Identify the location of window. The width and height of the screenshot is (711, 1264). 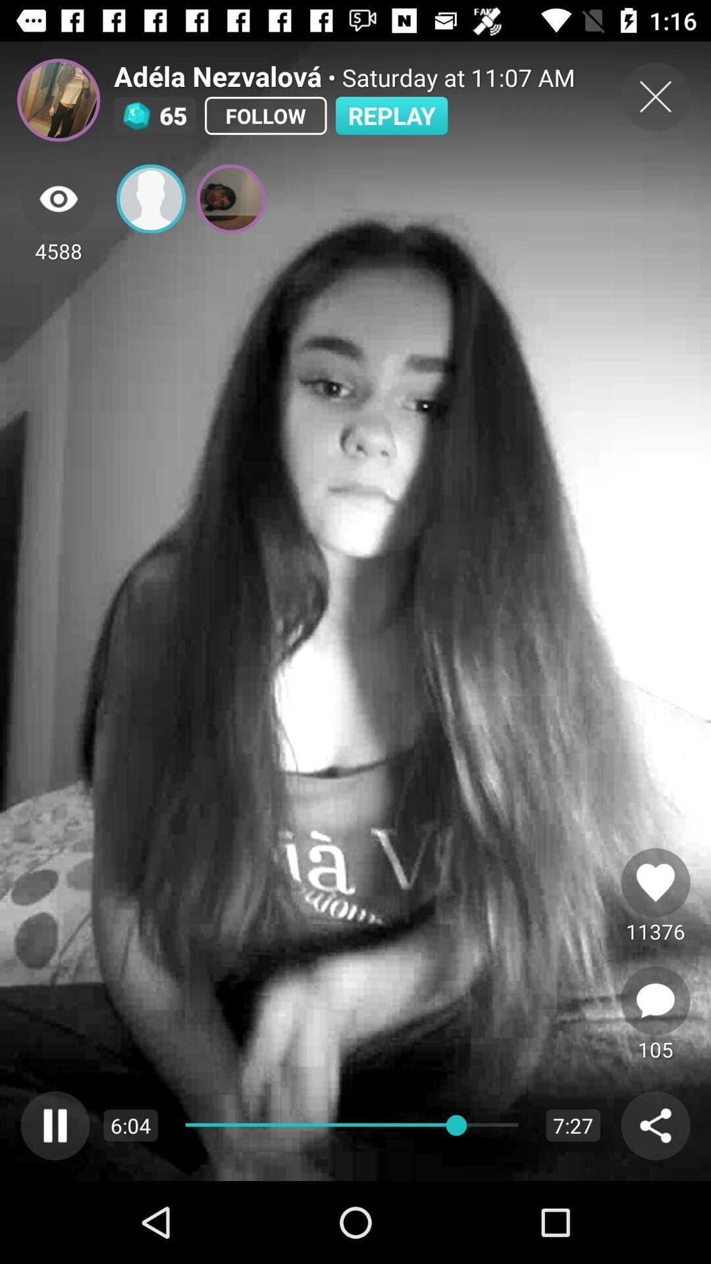
(655, 96).